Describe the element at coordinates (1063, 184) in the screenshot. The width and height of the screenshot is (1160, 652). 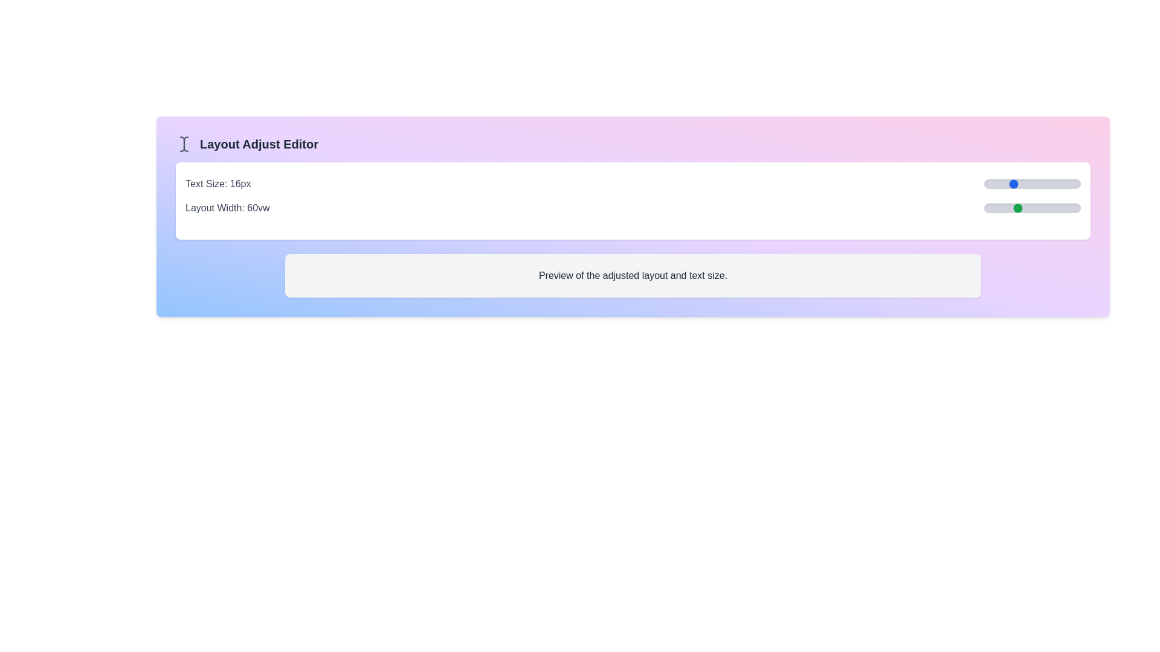
I see `the slider` at that location.